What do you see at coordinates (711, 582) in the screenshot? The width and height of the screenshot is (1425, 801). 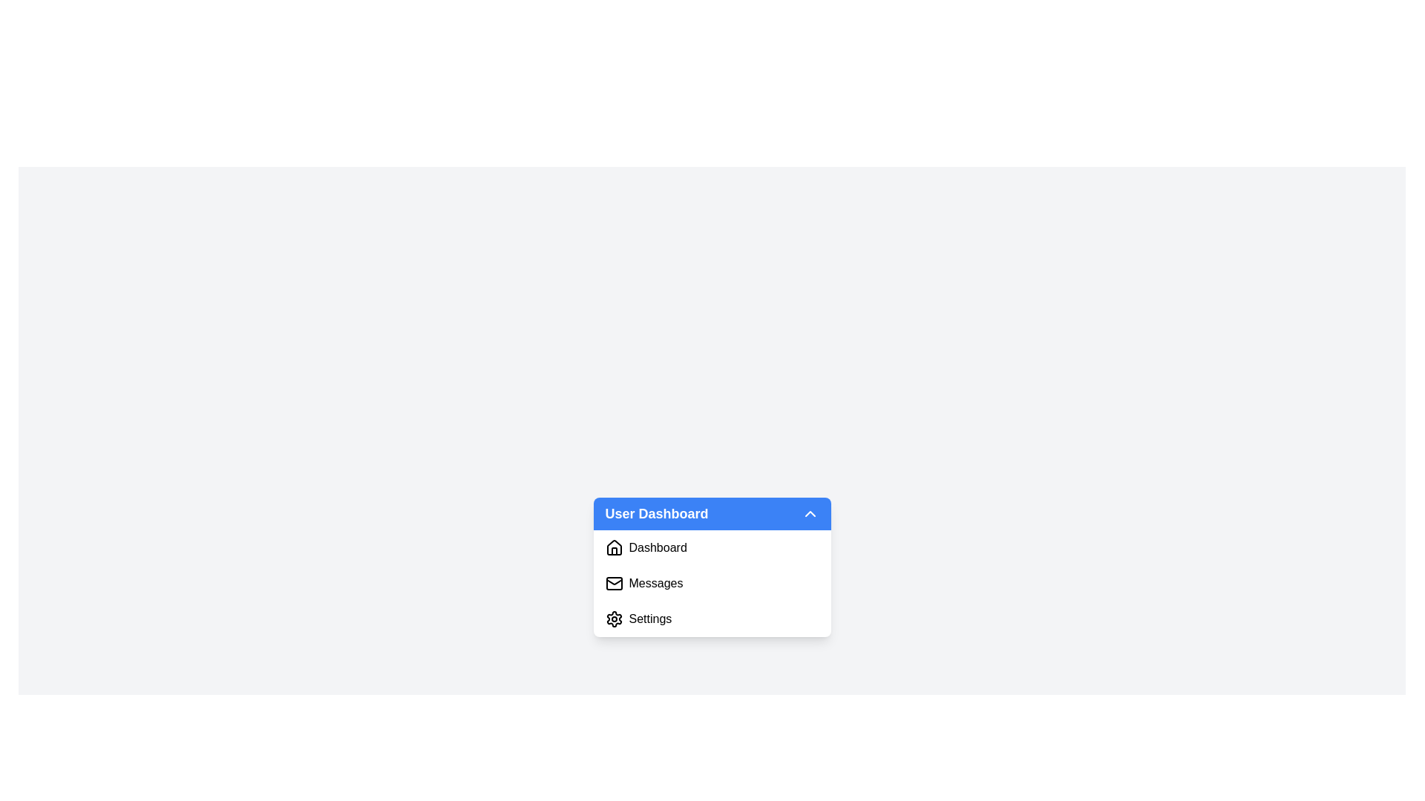 I see `the Navigation List Item labeled 'Messages' to activate its hover effect, which changes its background to light blue` at bounding box center [711, 582].